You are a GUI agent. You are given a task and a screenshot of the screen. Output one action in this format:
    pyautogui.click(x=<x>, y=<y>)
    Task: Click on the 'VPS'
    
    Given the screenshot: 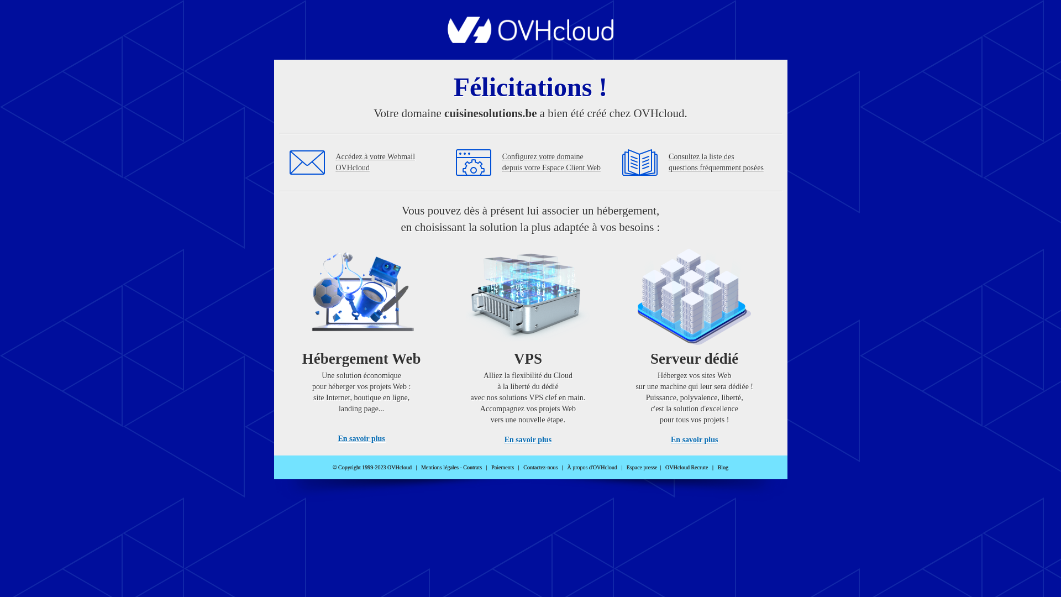 What is the action you would take?
    pyautogui.click(x=527, y=342)
    